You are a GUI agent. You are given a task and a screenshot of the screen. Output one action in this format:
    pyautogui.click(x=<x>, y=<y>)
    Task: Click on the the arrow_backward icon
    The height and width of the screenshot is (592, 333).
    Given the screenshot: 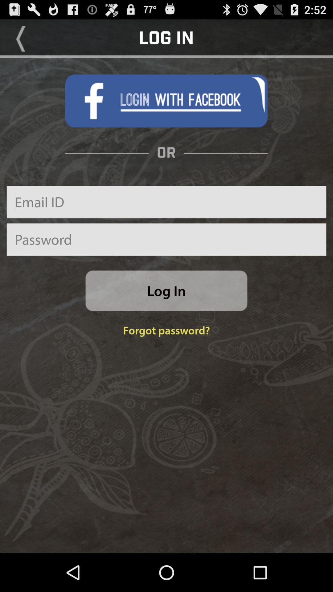 What is the action you would take?
    pyautogui.click(x=20, y=41)
    